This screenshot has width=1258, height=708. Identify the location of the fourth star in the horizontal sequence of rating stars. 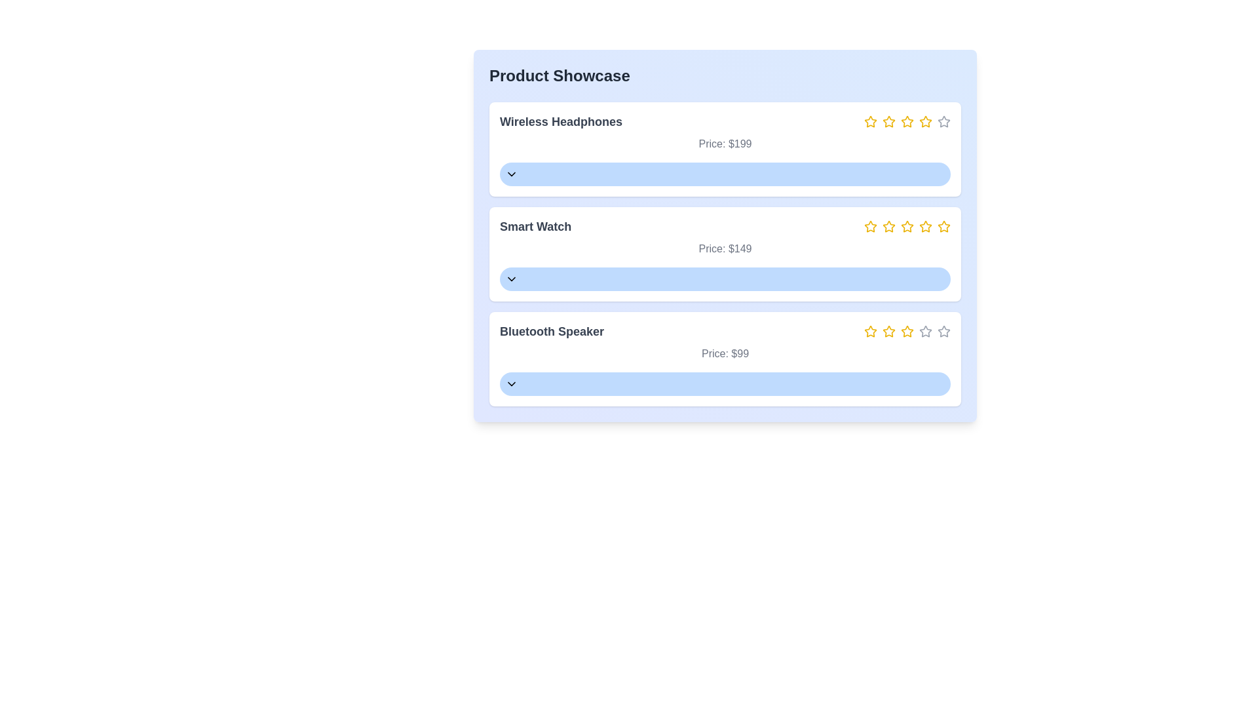
(907, 121).